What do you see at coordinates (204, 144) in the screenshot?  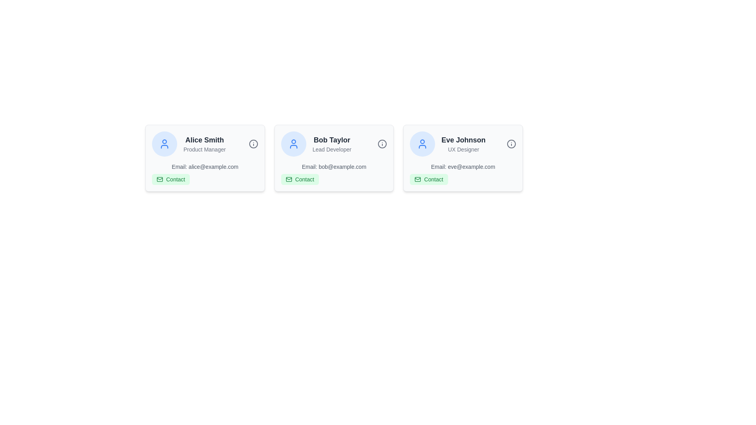 I see `text displayed for 'Alice Smith', who is a 'Product Manager', in the top portion of the first card from the left` at bounding box center [204, 144].